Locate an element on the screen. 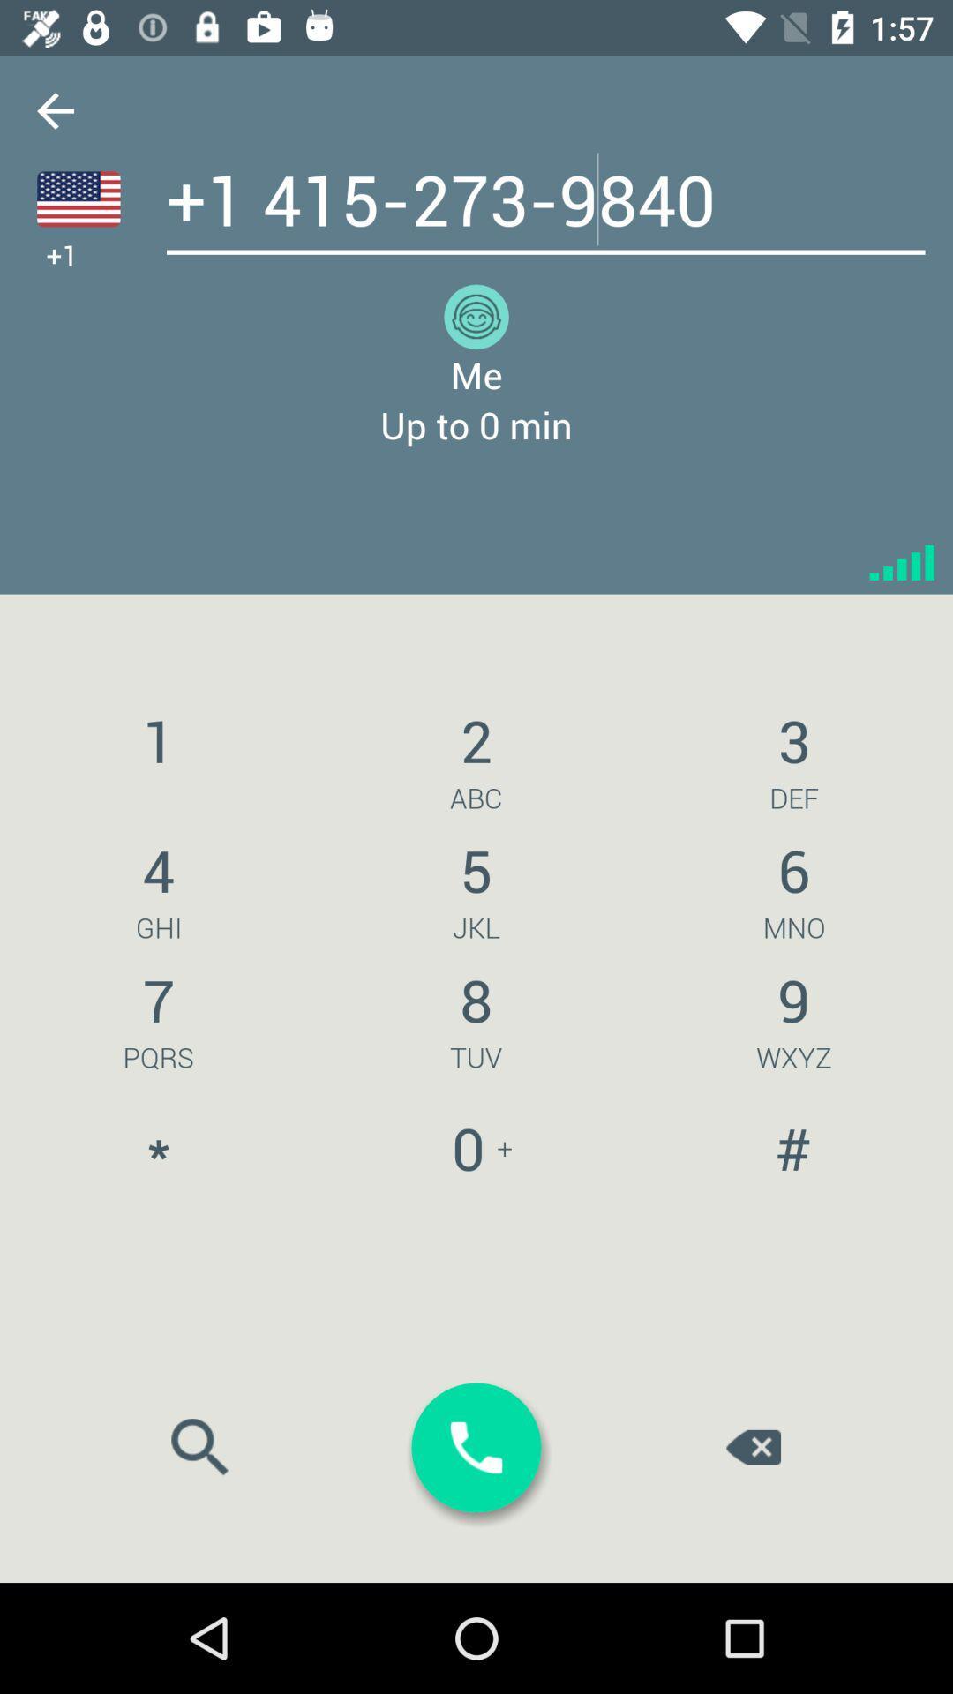  icon to the left of 1 415 273 item is located at coordinates (54, 109).